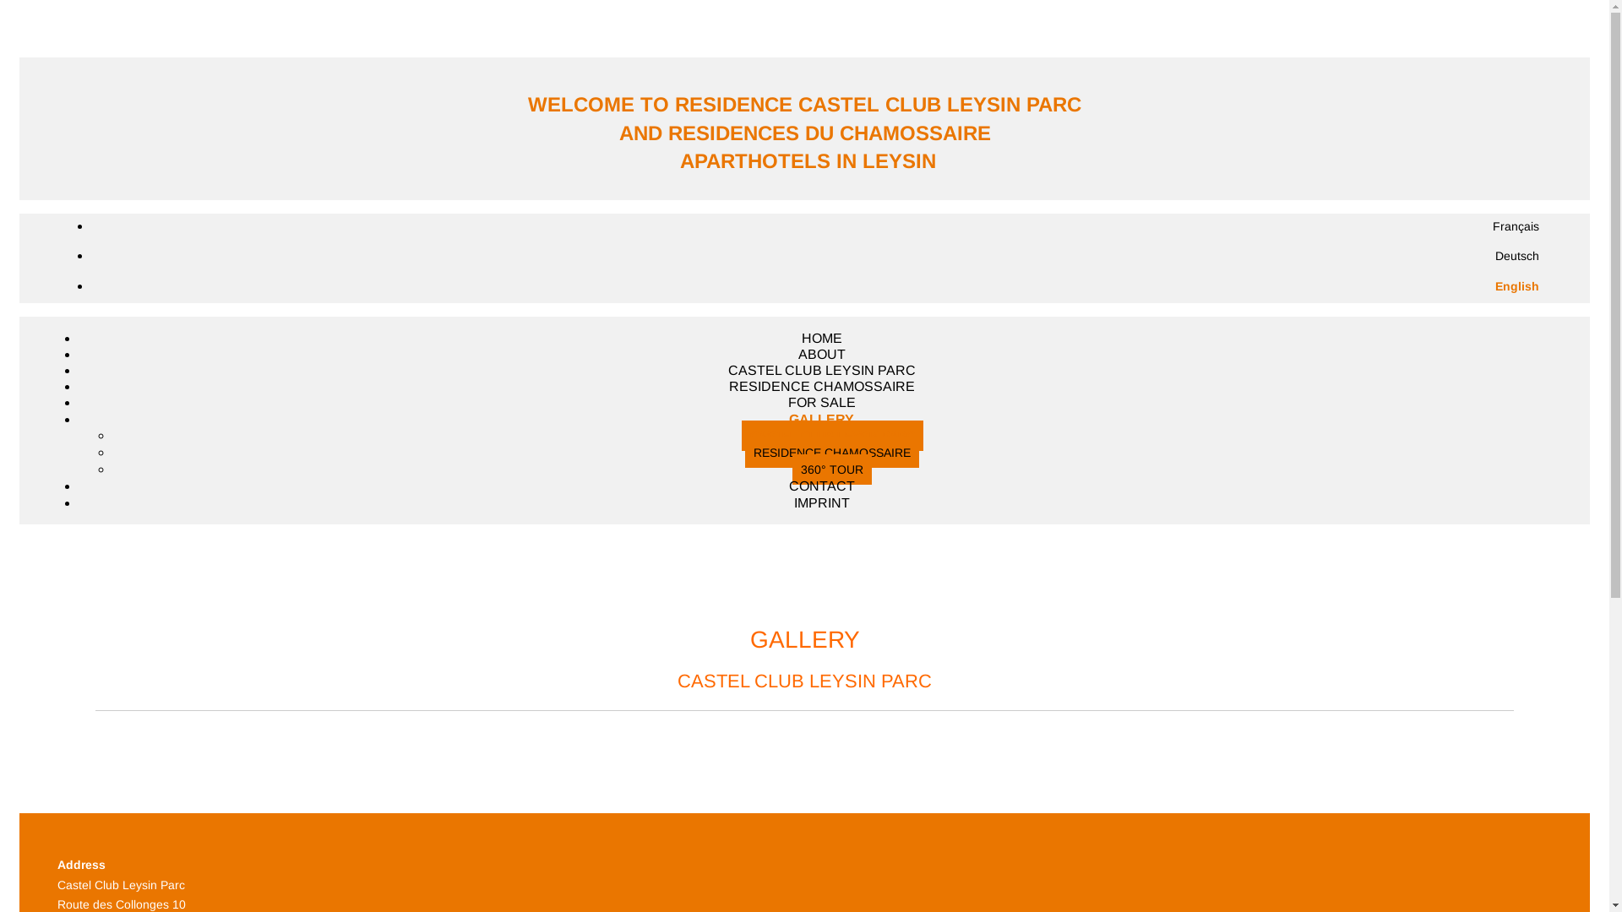  What do you see at coordinates (821, 386) in the screenshot?
I see `'RESIDENCE CHAMOSSAIRE'` at bounding box center [821, 386].